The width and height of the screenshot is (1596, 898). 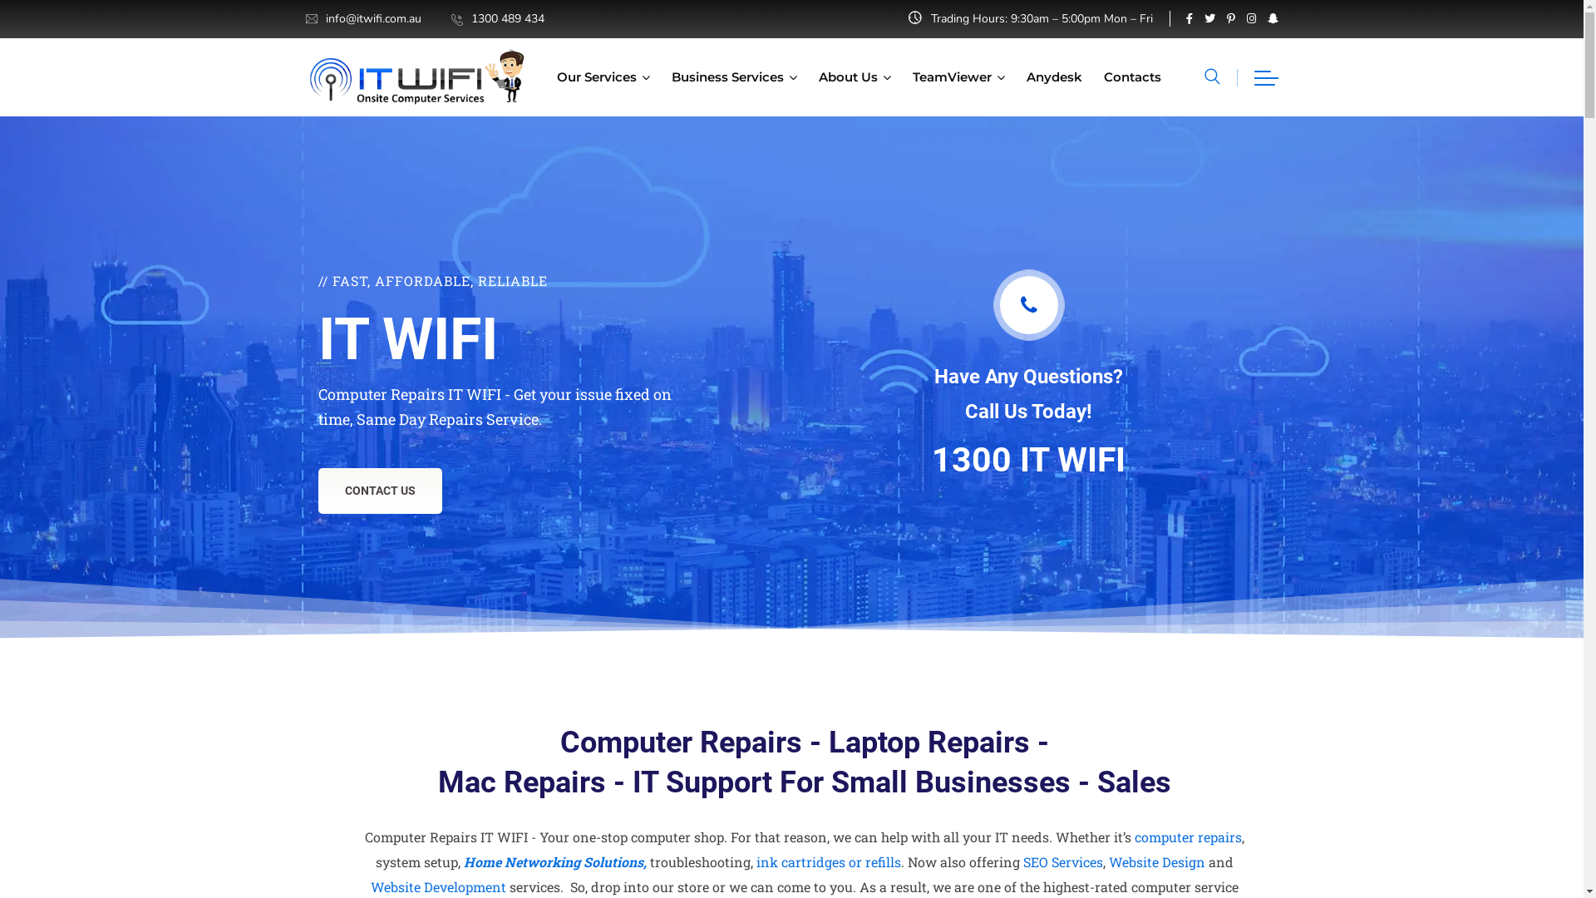 What do you see at coordinates (1061, 861) in the screenshot?
I see `'SEO Services'` at bounding box center [1061, 861].